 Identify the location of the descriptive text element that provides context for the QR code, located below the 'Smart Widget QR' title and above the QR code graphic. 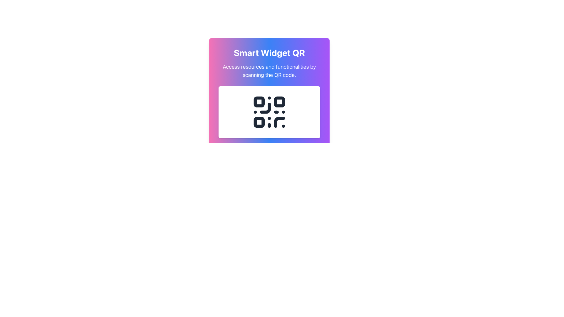
(269, 71).